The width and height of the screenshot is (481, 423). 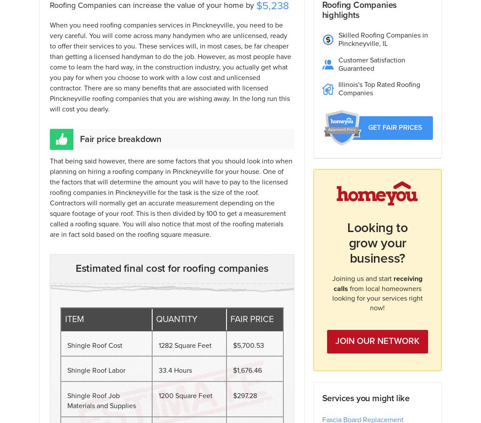 What do you see at coordinates (382, 39) in the screenshot?
I see `'Skilled Roofing Companies in Pinckneyville, IL'` at bounding box center [382, 39].